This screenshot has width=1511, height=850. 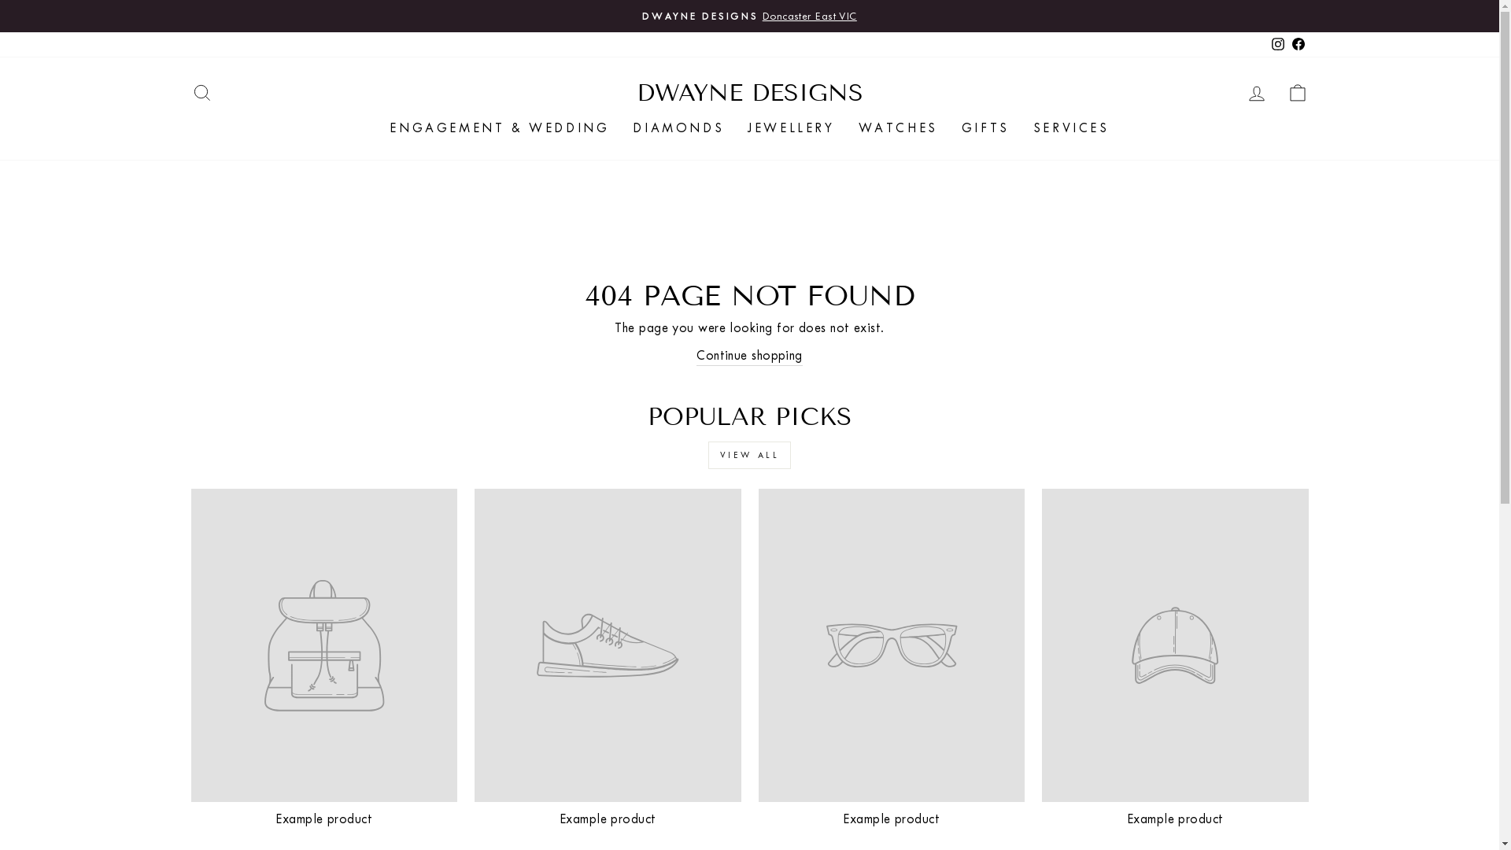 What do you see at coordinates (200, 92) in the screenshot?
I see `'SEARCH'` at bounding box center [200, 92].